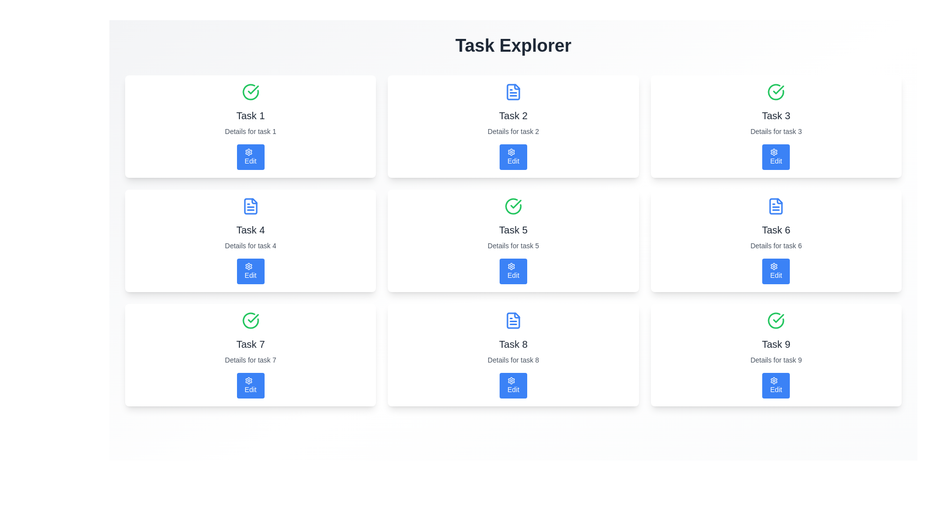  Describe the element at coordinates (511, 380) in the screenshot. I see `the decorative icon that visually represents the action associated with the 'Edit' button located in the eighth task panel of a three-by-three grid layout` at that location.